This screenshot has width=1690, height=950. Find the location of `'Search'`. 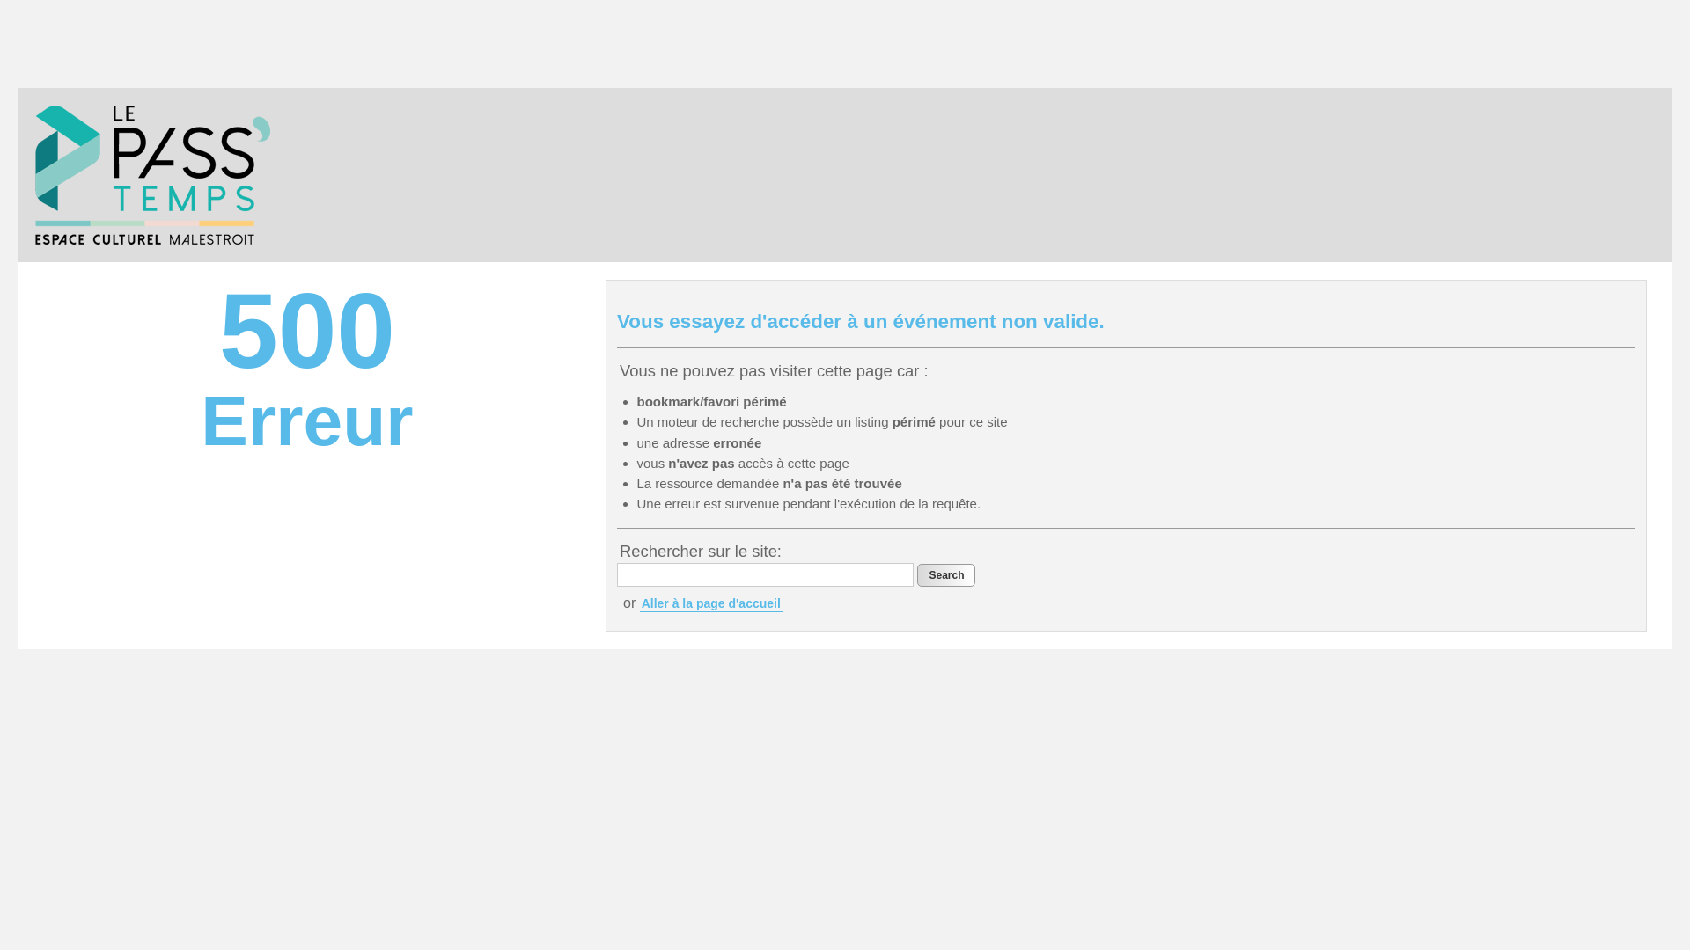

'Search' is located at coordinates (945, 575).